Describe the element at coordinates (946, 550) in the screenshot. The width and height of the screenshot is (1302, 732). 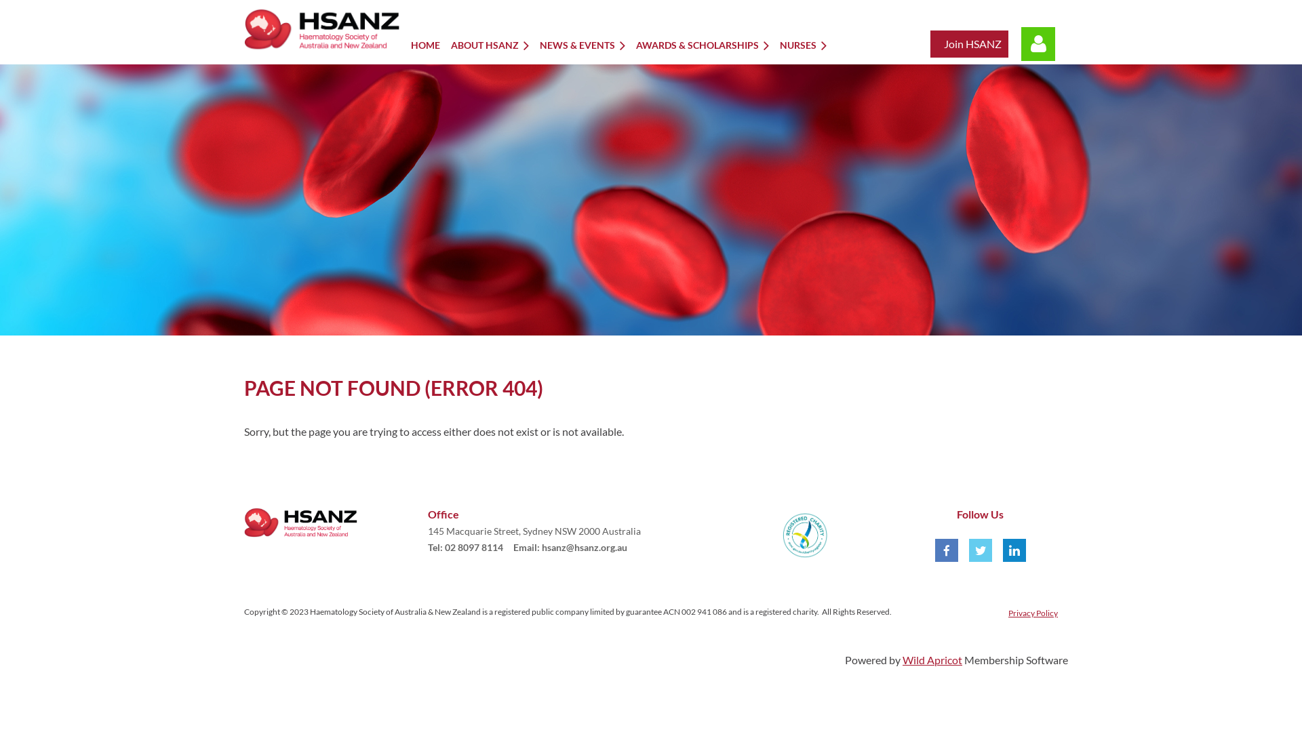
I see `'Facebook'` at that location.